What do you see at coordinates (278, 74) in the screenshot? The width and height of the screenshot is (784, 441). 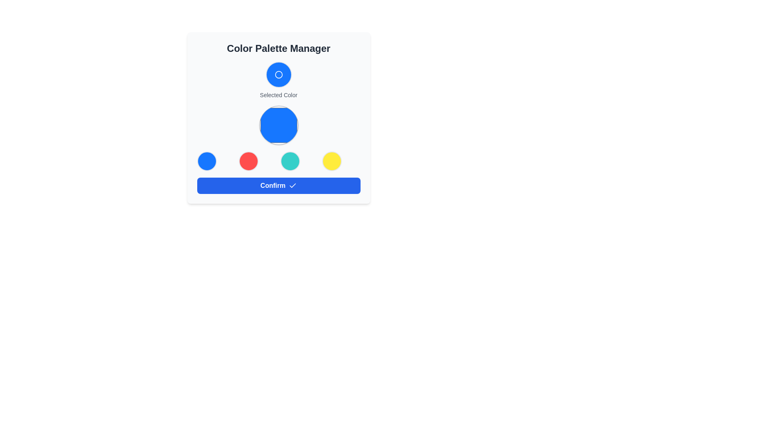 I see `the decorative icon located at the center of the blue circular icon, which indicates selection or state in the 'Selected Color' component` at bounding box center [278, 74].